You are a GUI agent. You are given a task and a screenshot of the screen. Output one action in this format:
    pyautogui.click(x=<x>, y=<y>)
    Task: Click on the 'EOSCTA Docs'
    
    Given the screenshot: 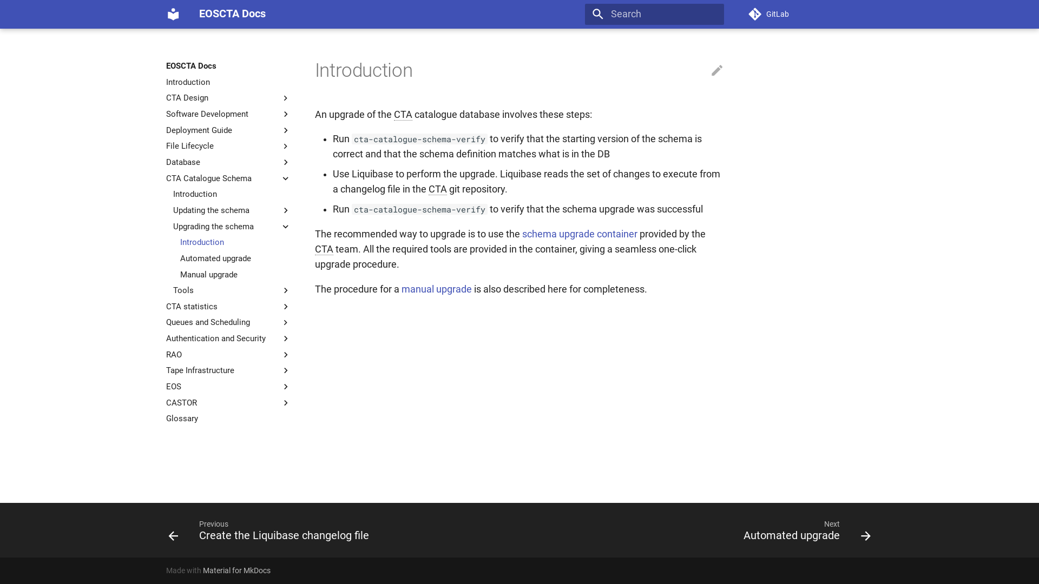 What is the action you would take?
    pyautogui.click(x=173, y=14)
    